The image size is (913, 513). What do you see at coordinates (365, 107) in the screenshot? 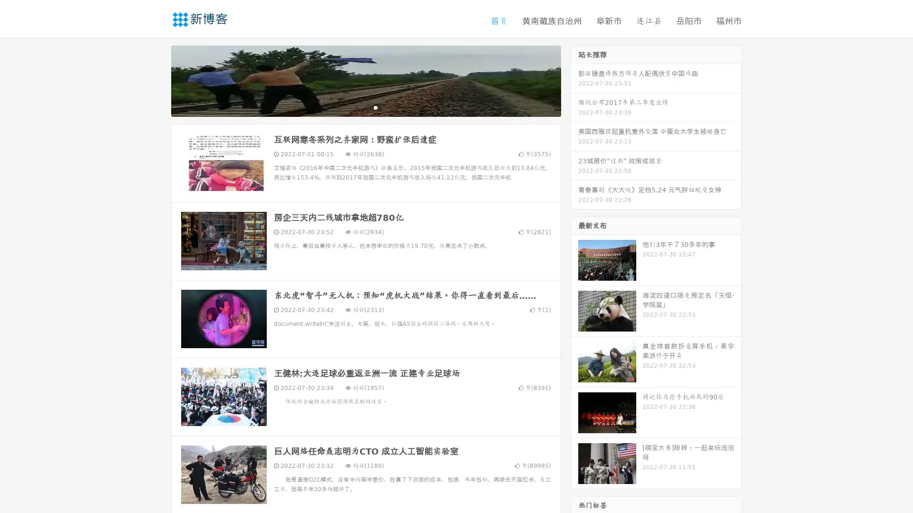
I see `Go to slide 2` at bounding box center [365, 107].